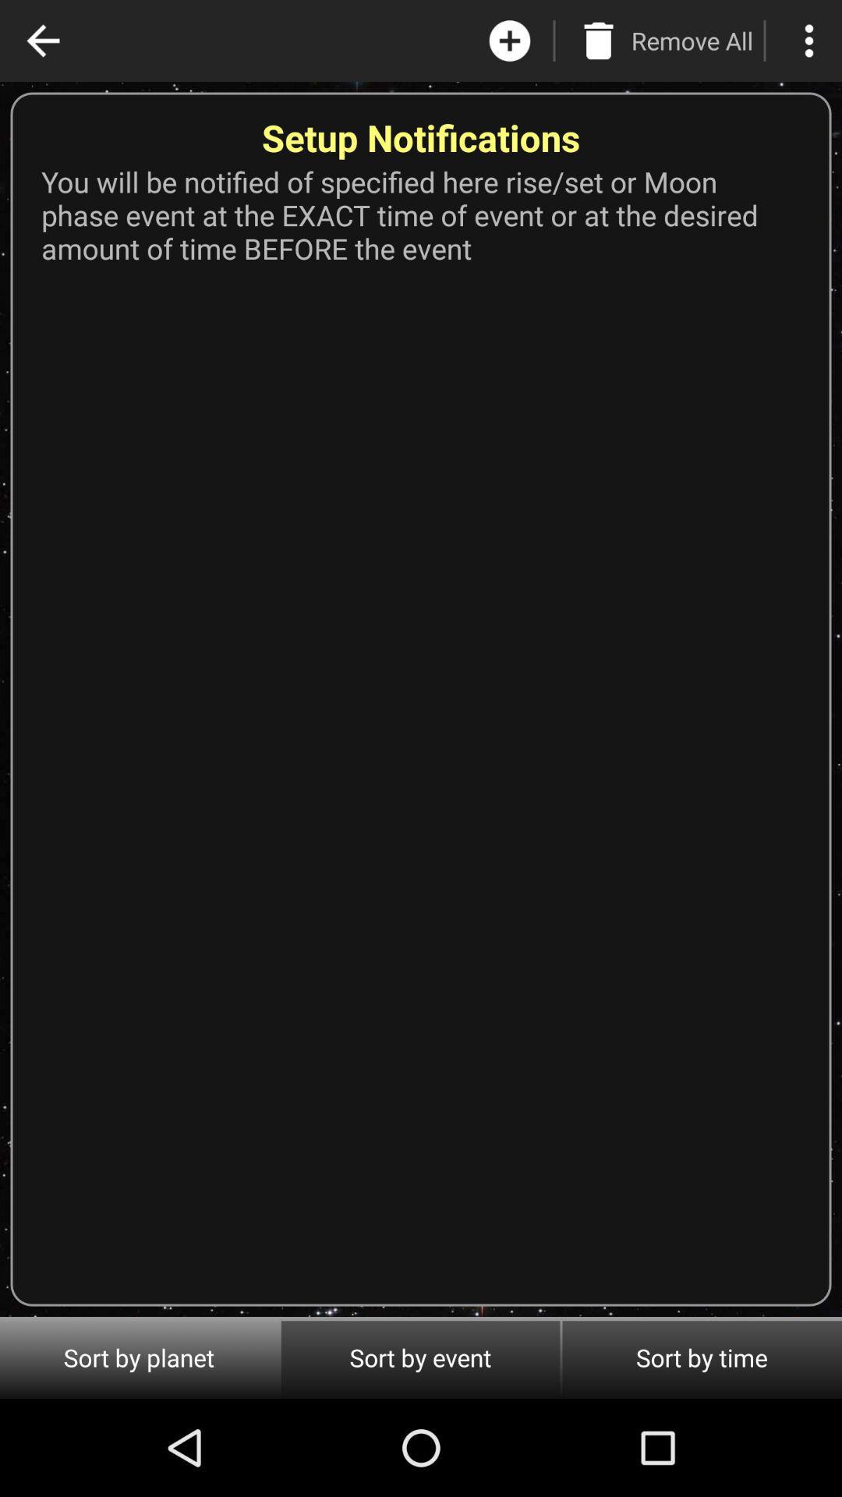  What do you see at coordinates (691, 41) in the screenshot?
I see `the remove all app` at bounding box center [691, 41].